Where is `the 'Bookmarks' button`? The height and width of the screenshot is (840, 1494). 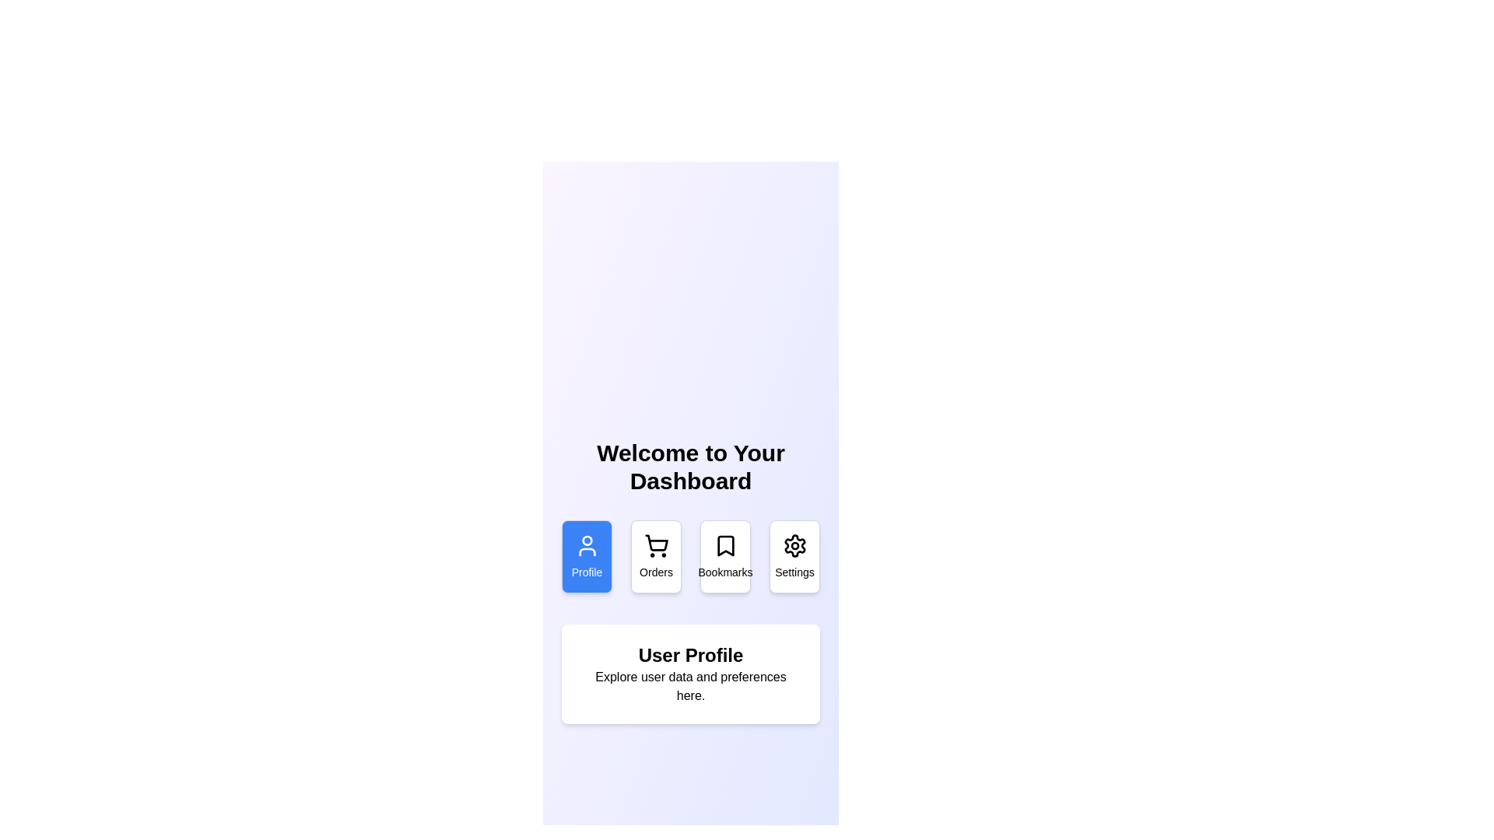
the 'Bookmarks' button is located at coordinates (724, 556).